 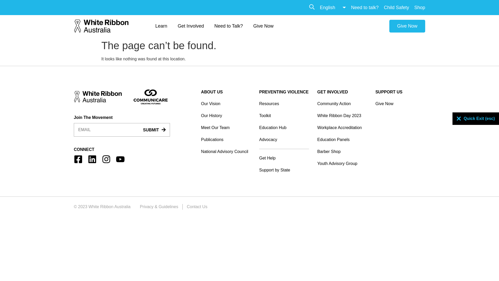 I want to click on 'Toolkit', so click(x=284, y=115).